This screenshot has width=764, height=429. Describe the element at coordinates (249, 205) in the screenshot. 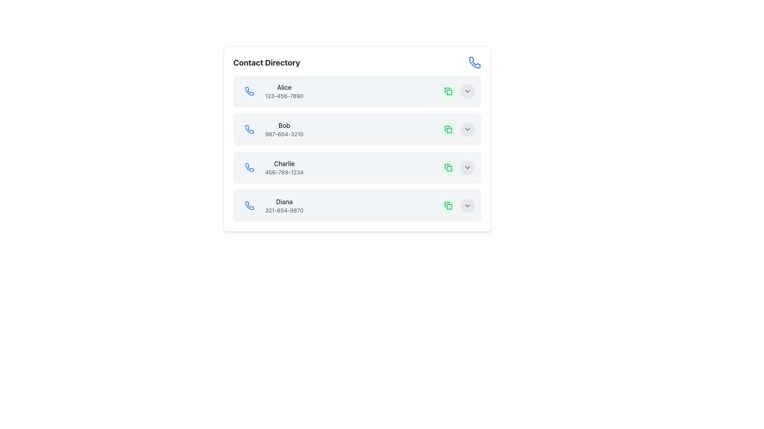

I see `the phone icon to initiate a call for the contact 'Diana' in the directory` at that location.